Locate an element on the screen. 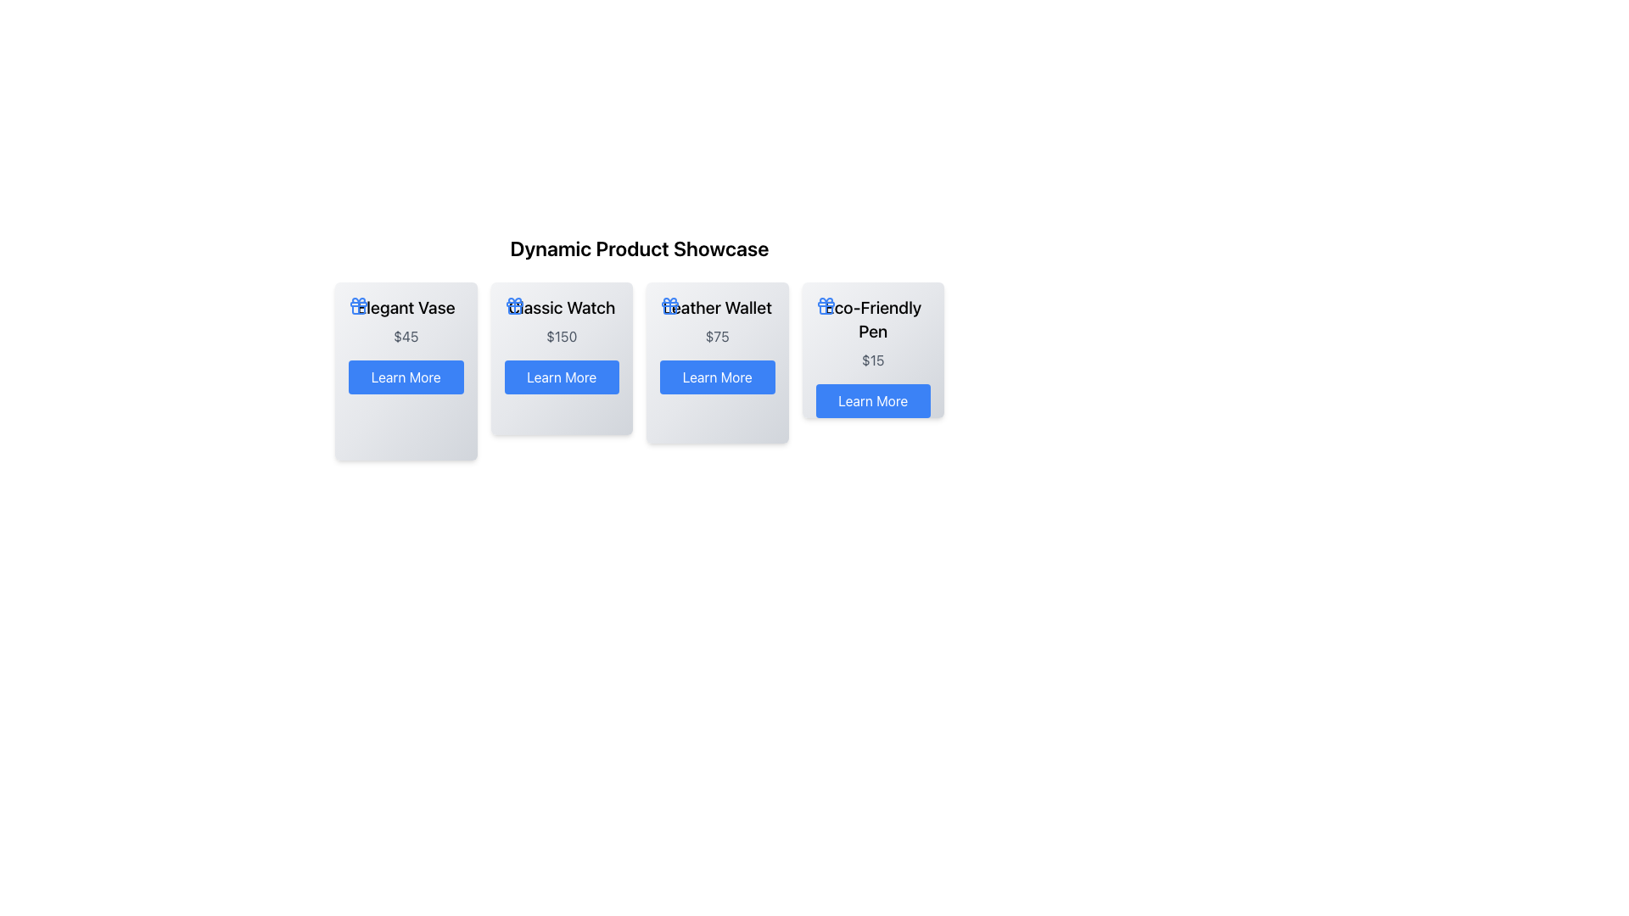 The width and height of the screenshot is (1629, 916). the rectangular button with a blue background and white text that says 'Learn More', located at the bottom of the 'Eco-Friendly Pen' product card is located at coordinates (873, 401).